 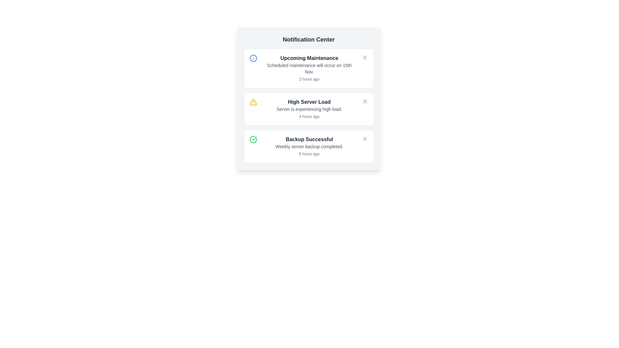 I want to click on the notification title label, which is the topmost text element in a group of three sibling texts inside the notification card located in the Notification Center, so click(x=309, y=101).